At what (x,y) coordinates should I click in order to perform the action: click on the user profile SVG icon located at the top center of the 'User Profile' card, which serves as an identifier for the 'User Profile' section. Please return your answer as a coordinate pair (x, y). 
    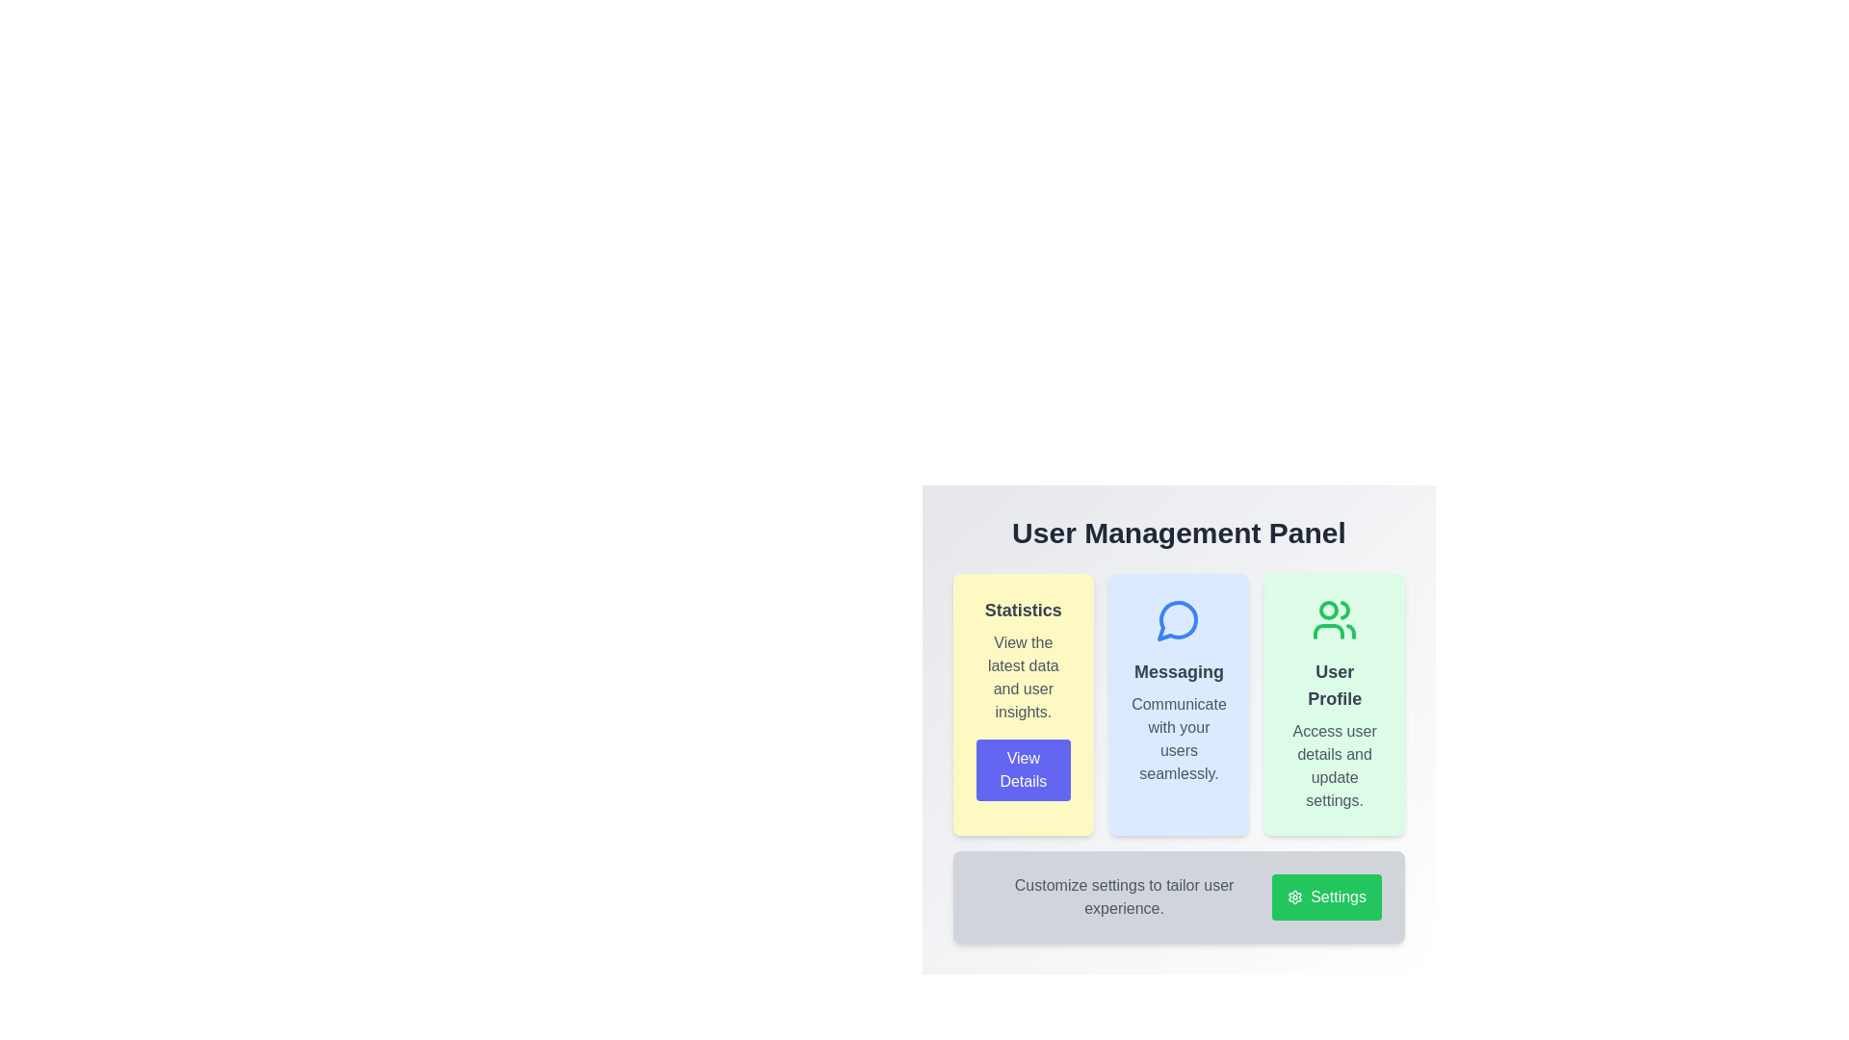
    Looking at the image, I should click on (1334, 620).